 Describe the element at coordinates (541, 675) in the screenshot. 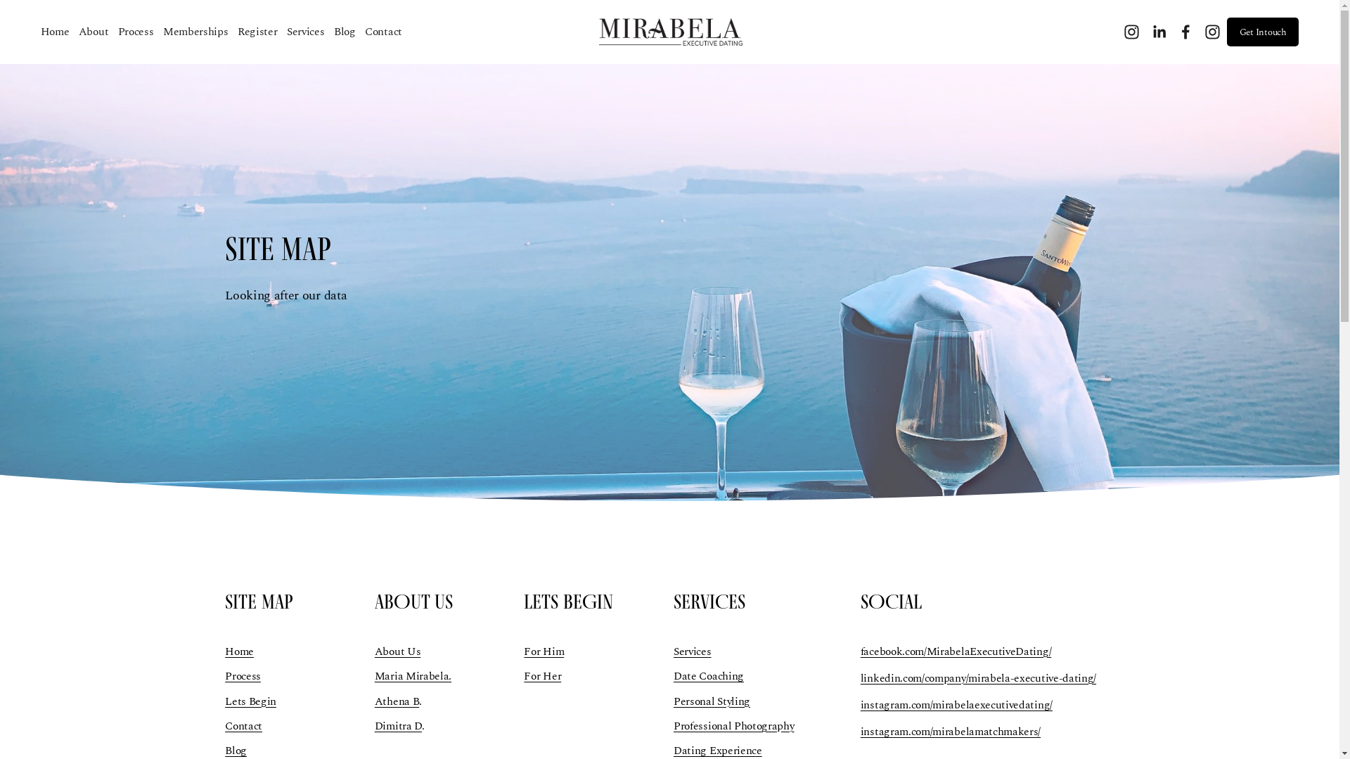

I see `'For Her'` at that location.